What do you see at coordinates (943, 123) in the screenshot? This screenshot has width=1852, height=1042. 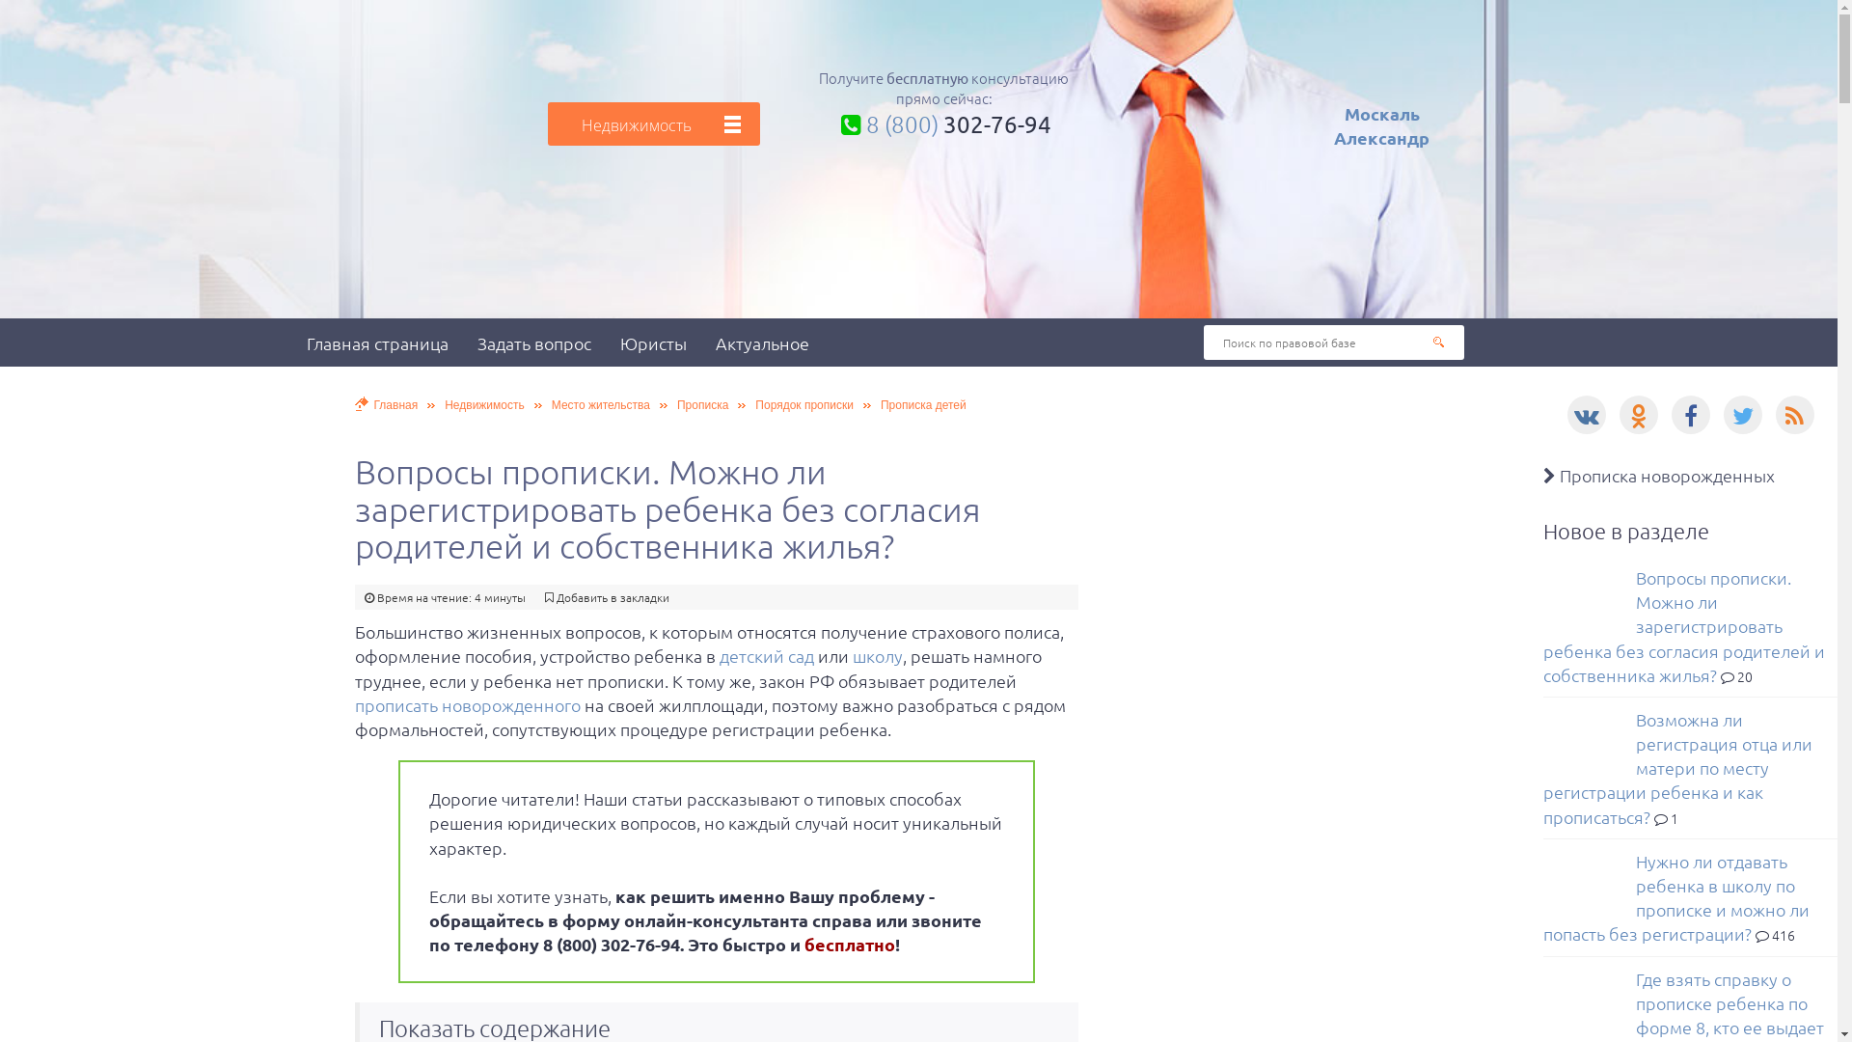 I see `'8 (800) 302-76-94'` at bounding box center [943, 123].